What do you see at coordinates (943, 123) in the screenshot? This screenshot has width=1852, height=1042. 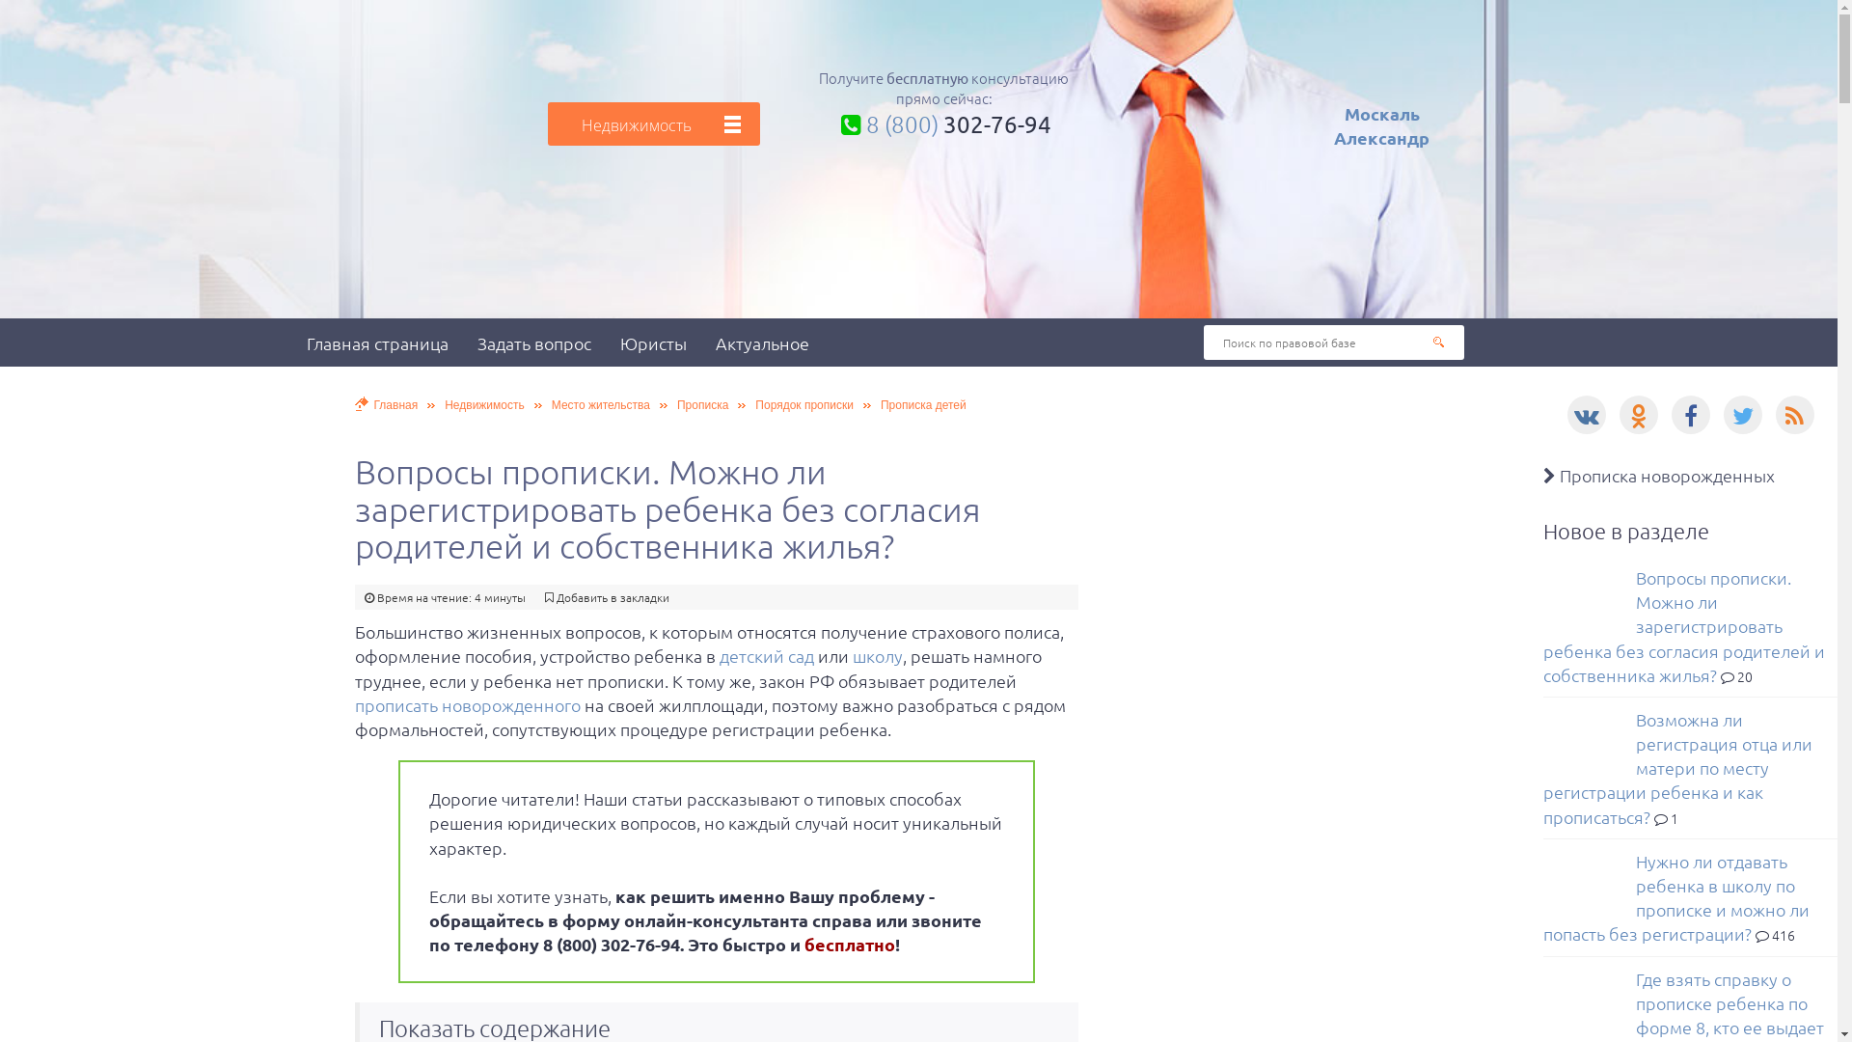 I see `'8 (800) 302-76-94'` at bounding box center [943, 123].